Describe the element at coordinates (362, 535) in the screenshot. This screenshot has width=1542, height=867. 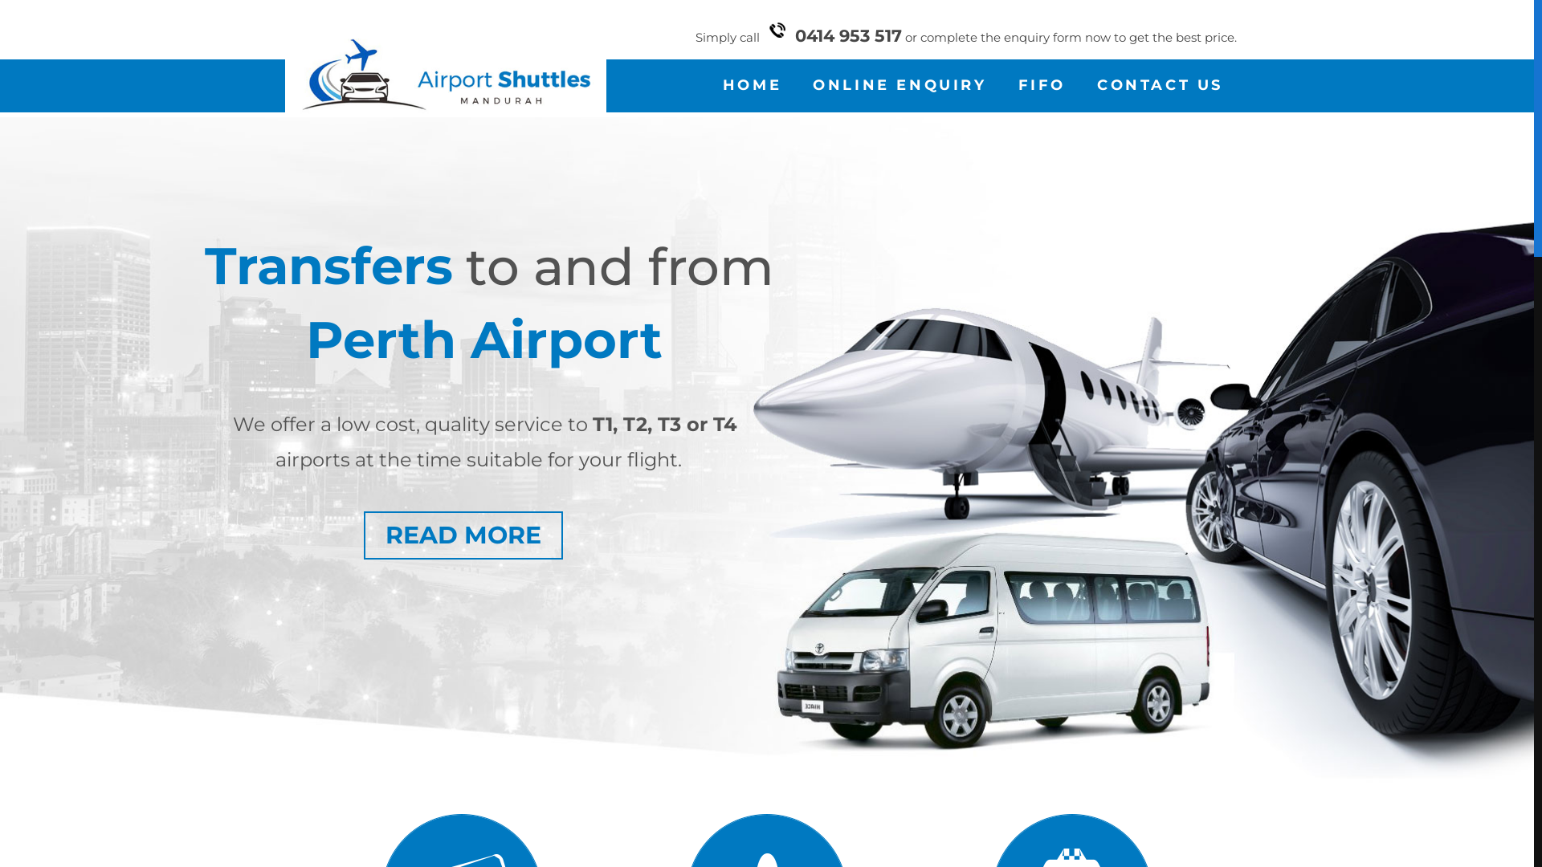
I see `'READ MORE'` at that location.